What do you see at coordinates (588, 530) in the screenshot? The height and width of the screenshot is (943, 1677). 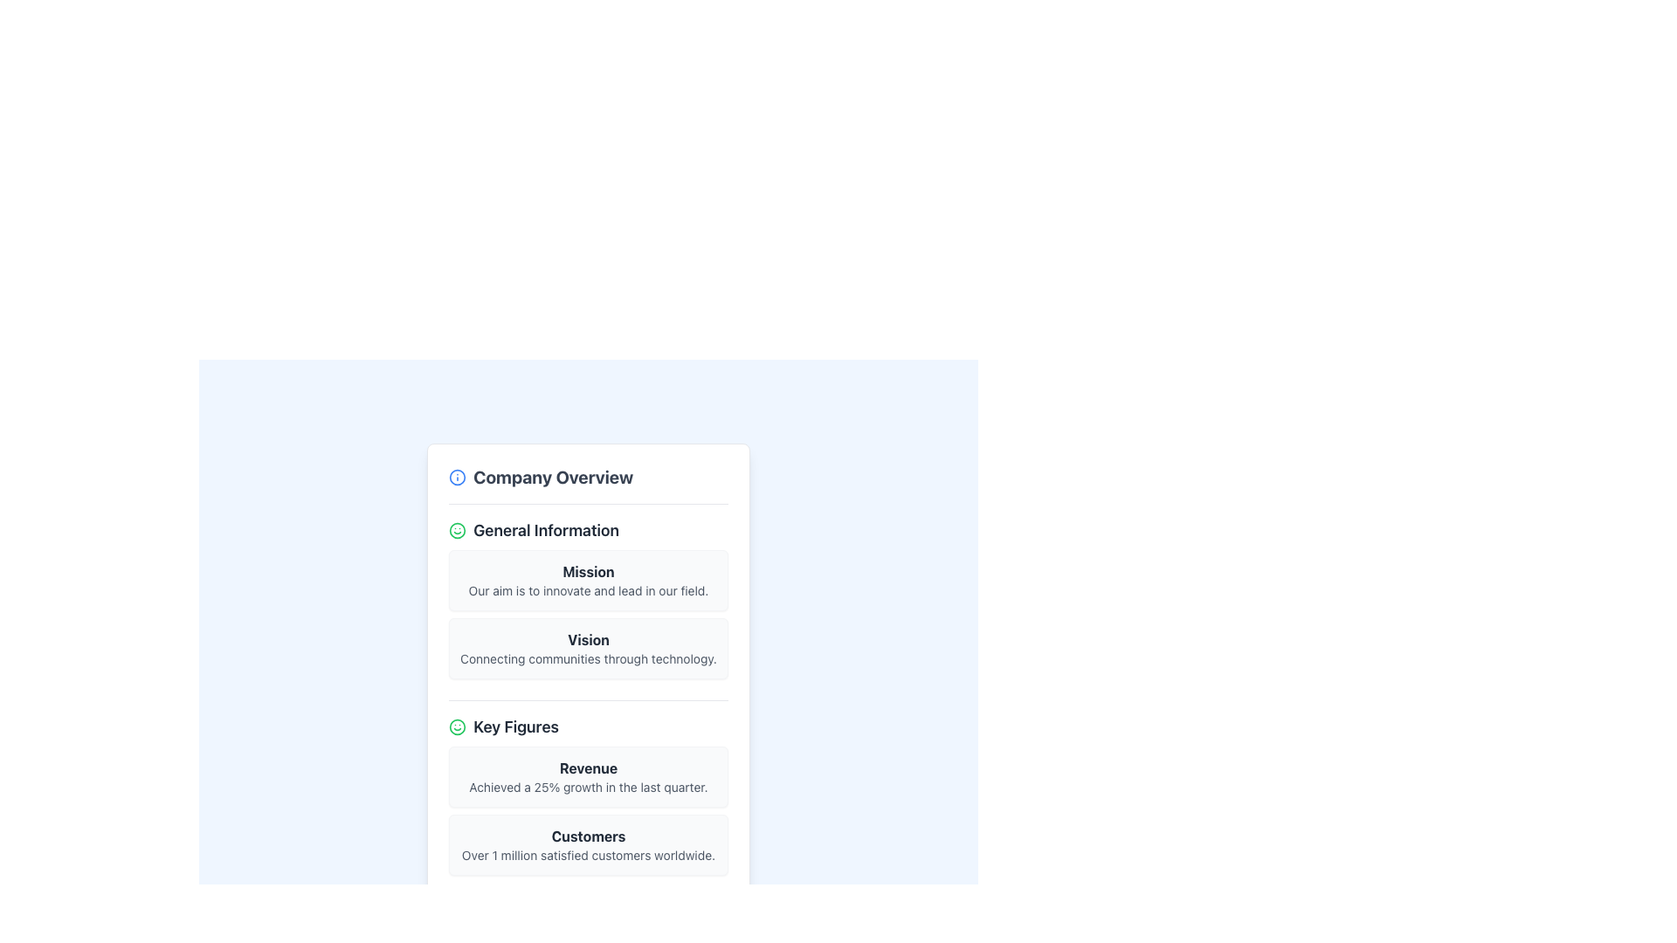 I see `the 'General Information' text label, which is styled in bold with a large font size and has a green smiling face icon to its left` at bounding box center [588, 530].